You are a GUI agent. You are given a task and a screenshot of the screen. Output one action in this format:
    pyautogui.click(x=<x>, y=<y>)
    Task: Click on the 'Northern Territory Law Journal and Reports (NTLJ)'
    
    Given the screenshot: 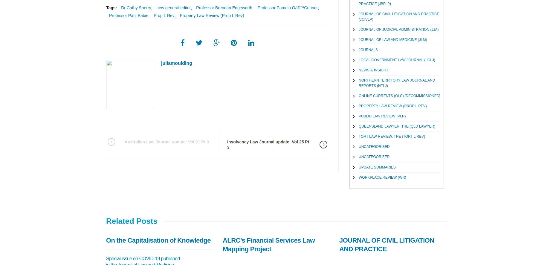 What is the action you would take?
    pyautogui.click(x=396, y=82)
    